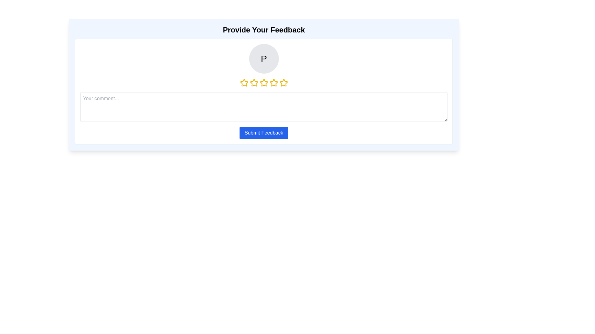 The image size is (595, 334). What do you see at coordinates (264, 82) in the screenshot?
I see `the star corresponding to 3 stars to set the rating` at bounding box center [264, 82].